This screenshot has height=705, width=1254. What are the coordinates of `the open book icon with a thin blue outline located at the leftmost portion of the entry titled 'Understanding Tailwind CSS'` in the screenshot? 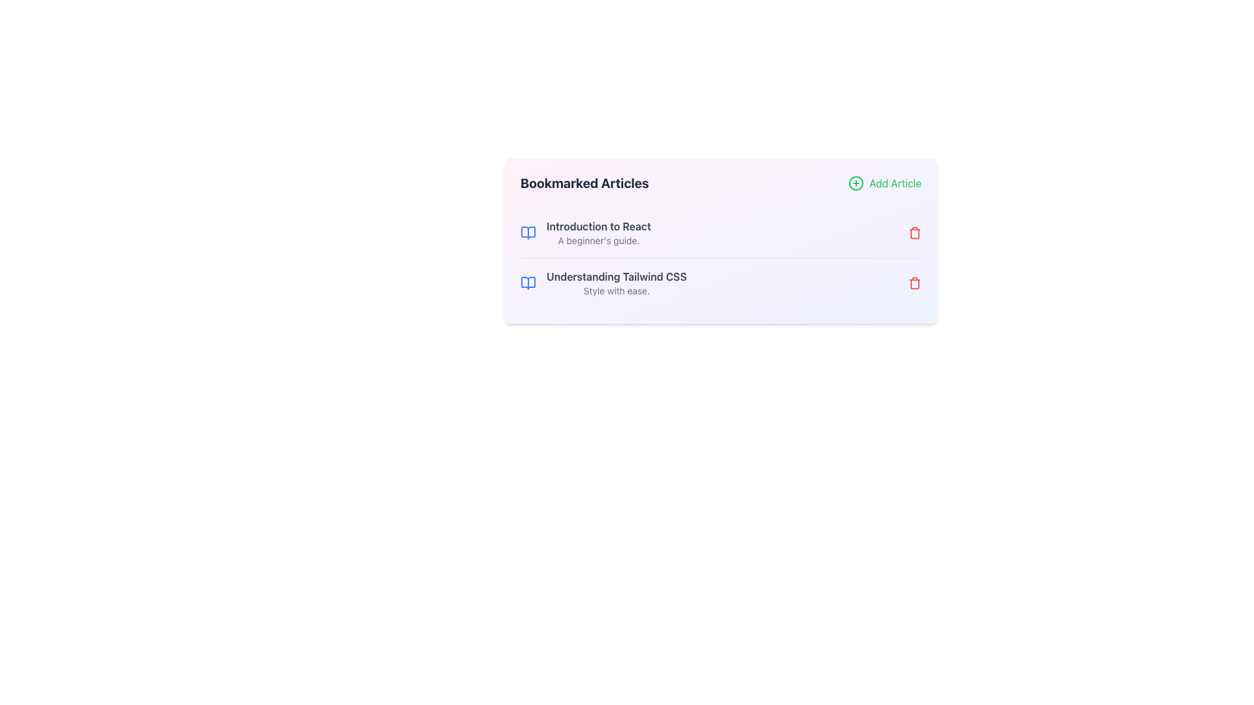 It's located at (528, 283).